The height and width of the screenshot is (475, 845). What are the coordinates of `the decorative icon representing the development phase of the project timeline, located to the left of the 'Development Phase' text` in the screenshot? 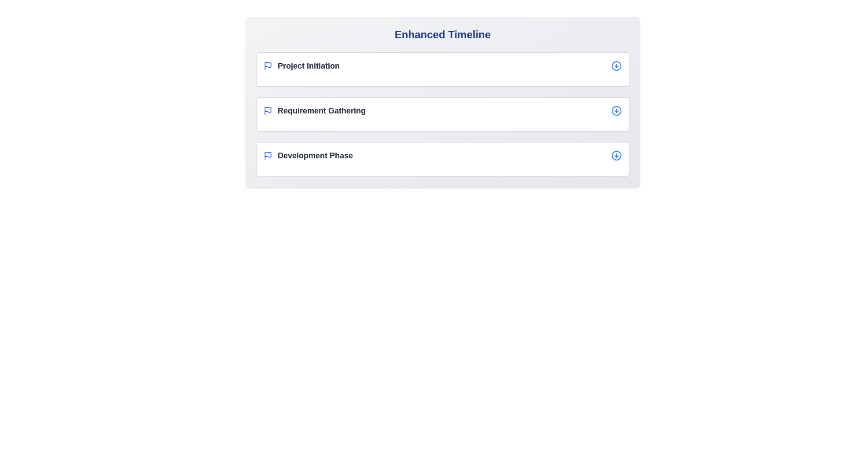 It's located at (268, 154).